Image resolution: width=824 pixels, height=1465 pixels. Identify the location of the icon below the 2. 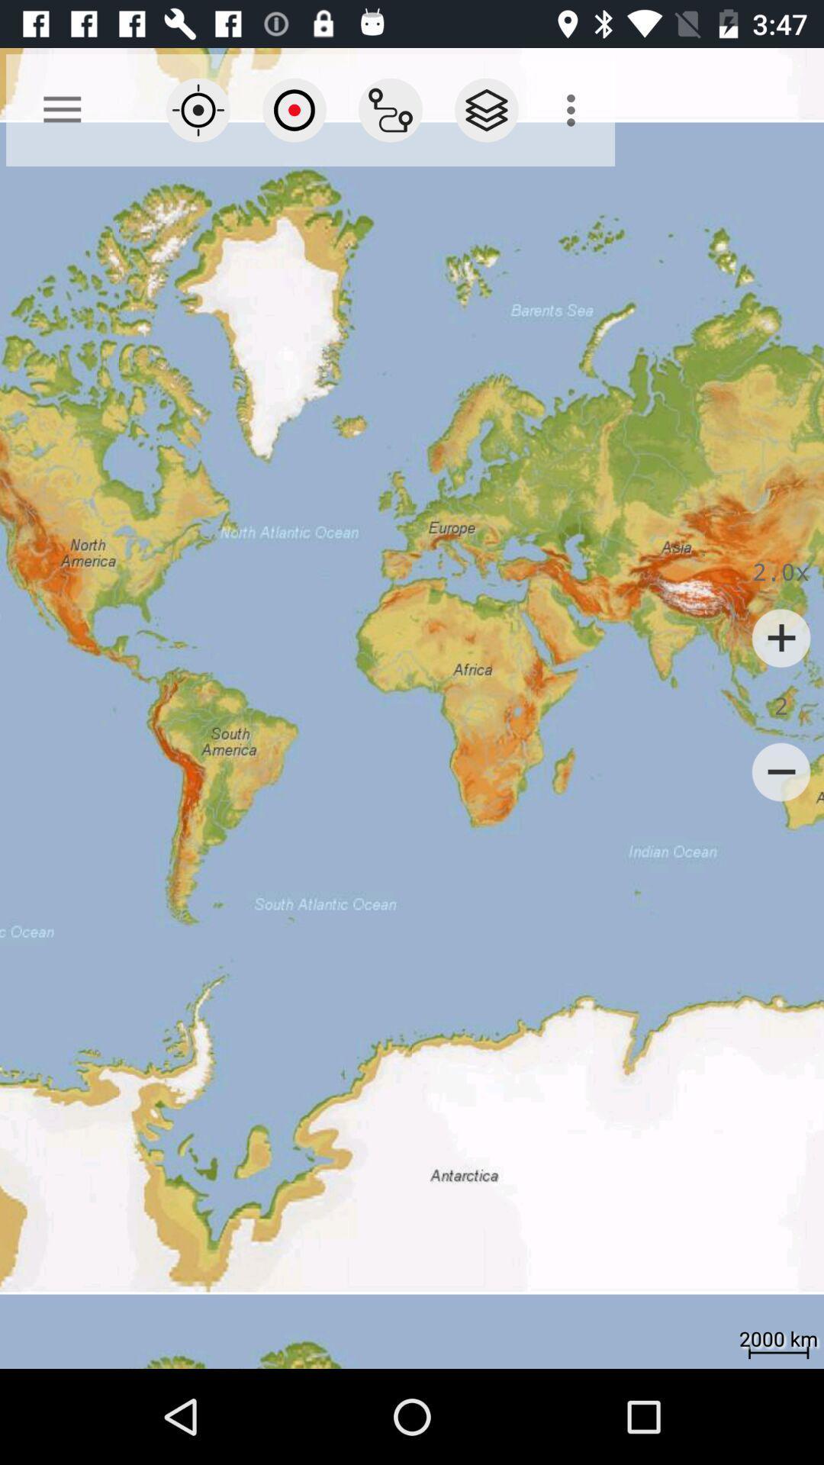
(781, 772).